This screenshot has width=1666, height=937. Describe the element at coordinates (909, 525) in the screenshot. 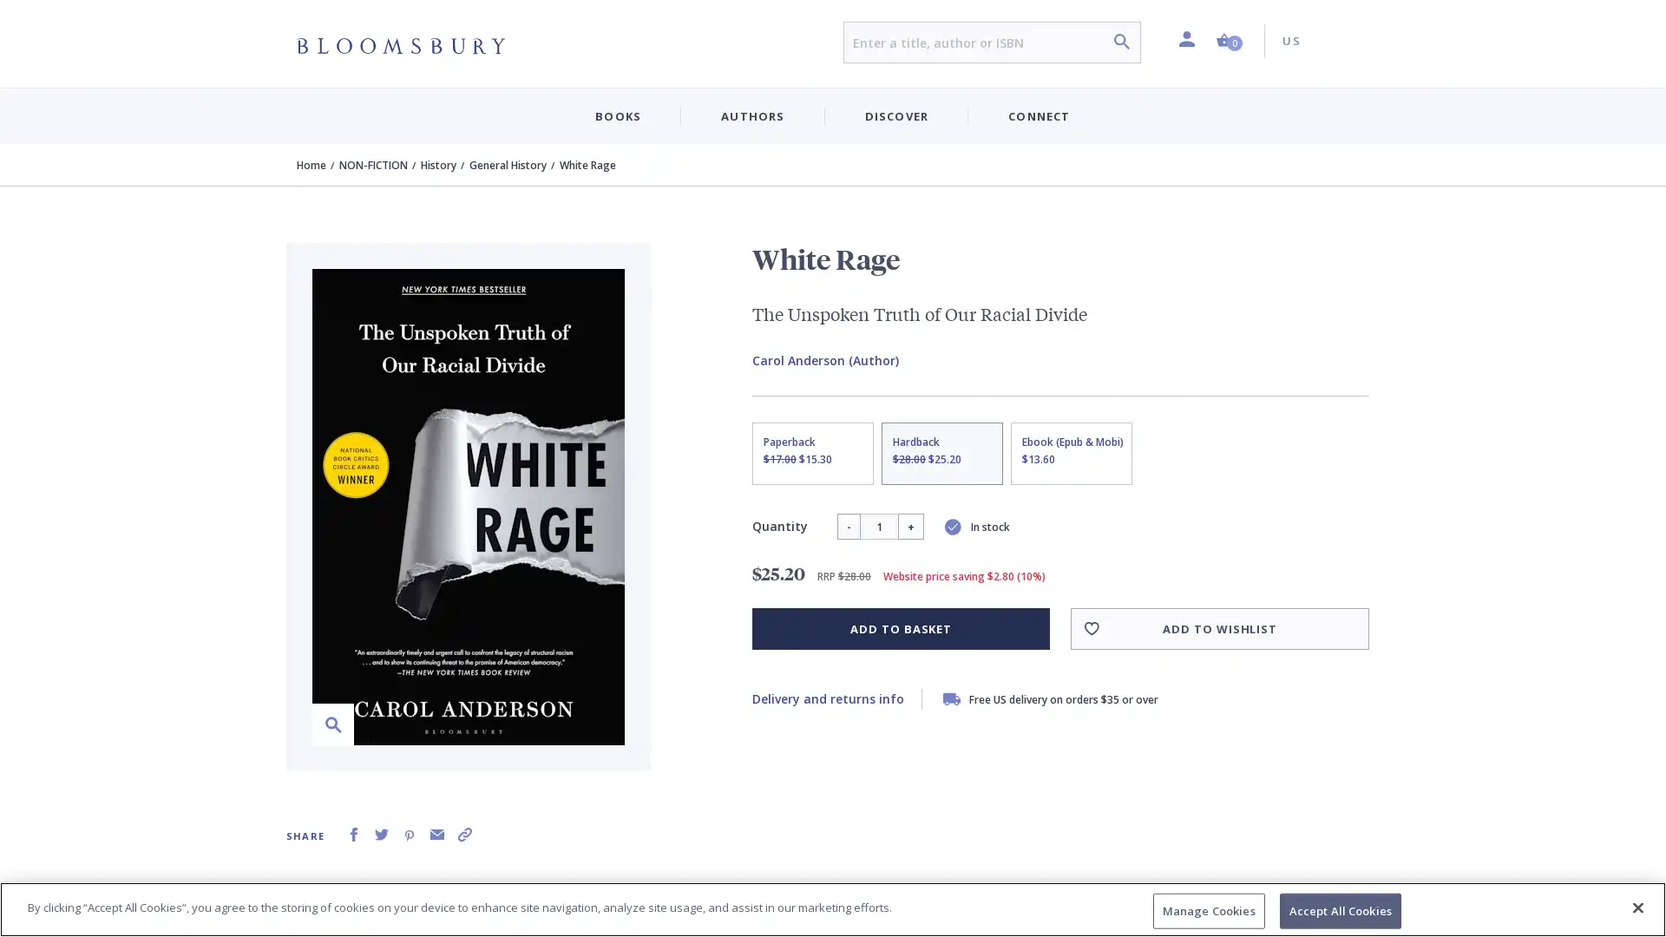

I see `+` at that location.